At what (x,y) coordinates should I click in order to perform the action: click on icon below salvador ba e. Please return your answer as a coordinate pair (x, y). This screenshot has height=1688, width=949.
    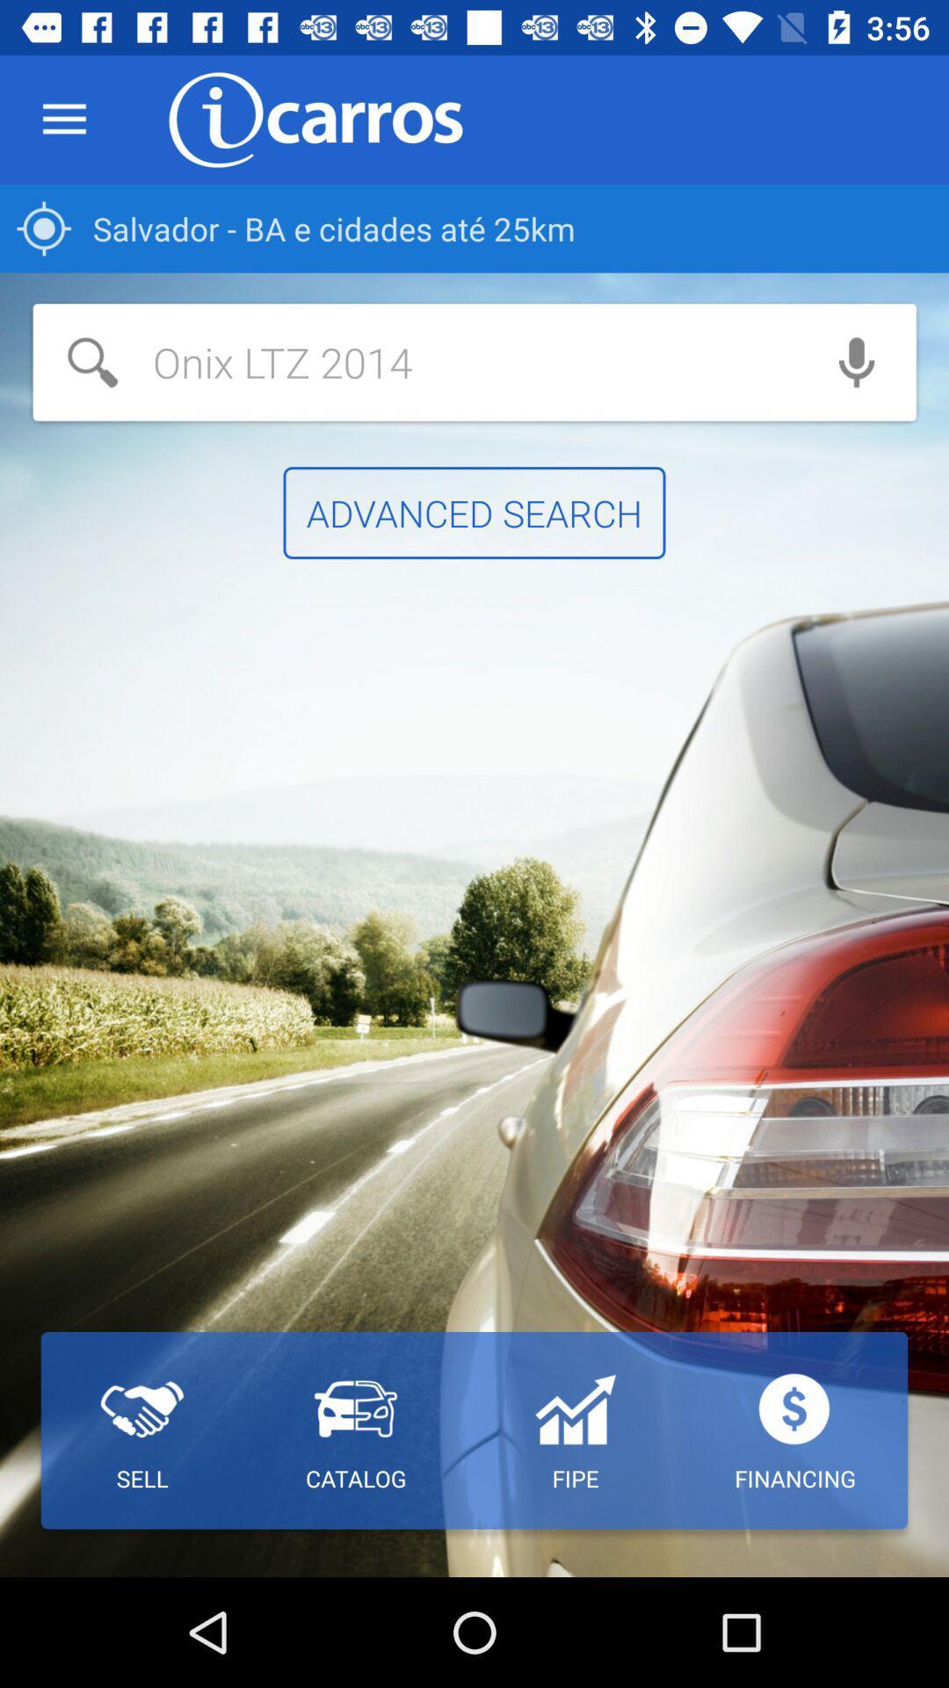
    Looking at the image, I should click on (856, 361).